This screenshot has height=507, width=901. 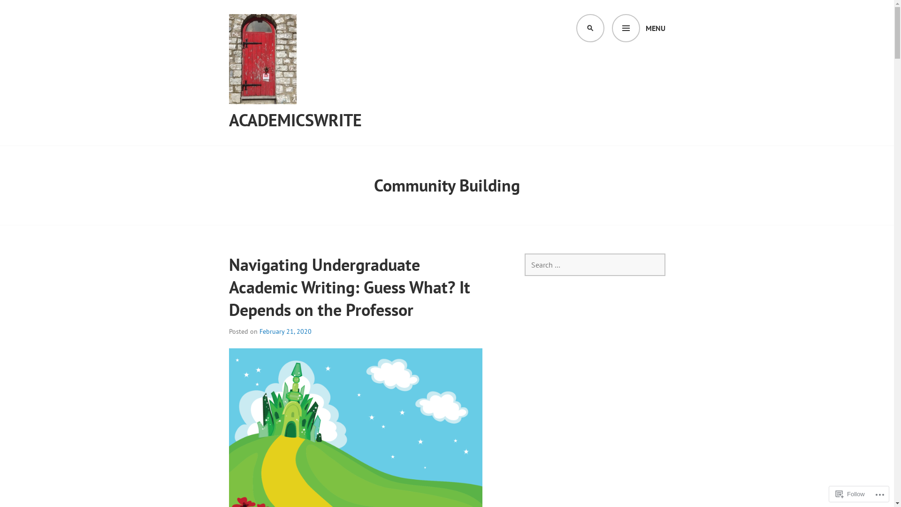 What do you see at coordinates (832, 493) in the screenshot?
I see `'Follow'` at bounding box center [832, 493].